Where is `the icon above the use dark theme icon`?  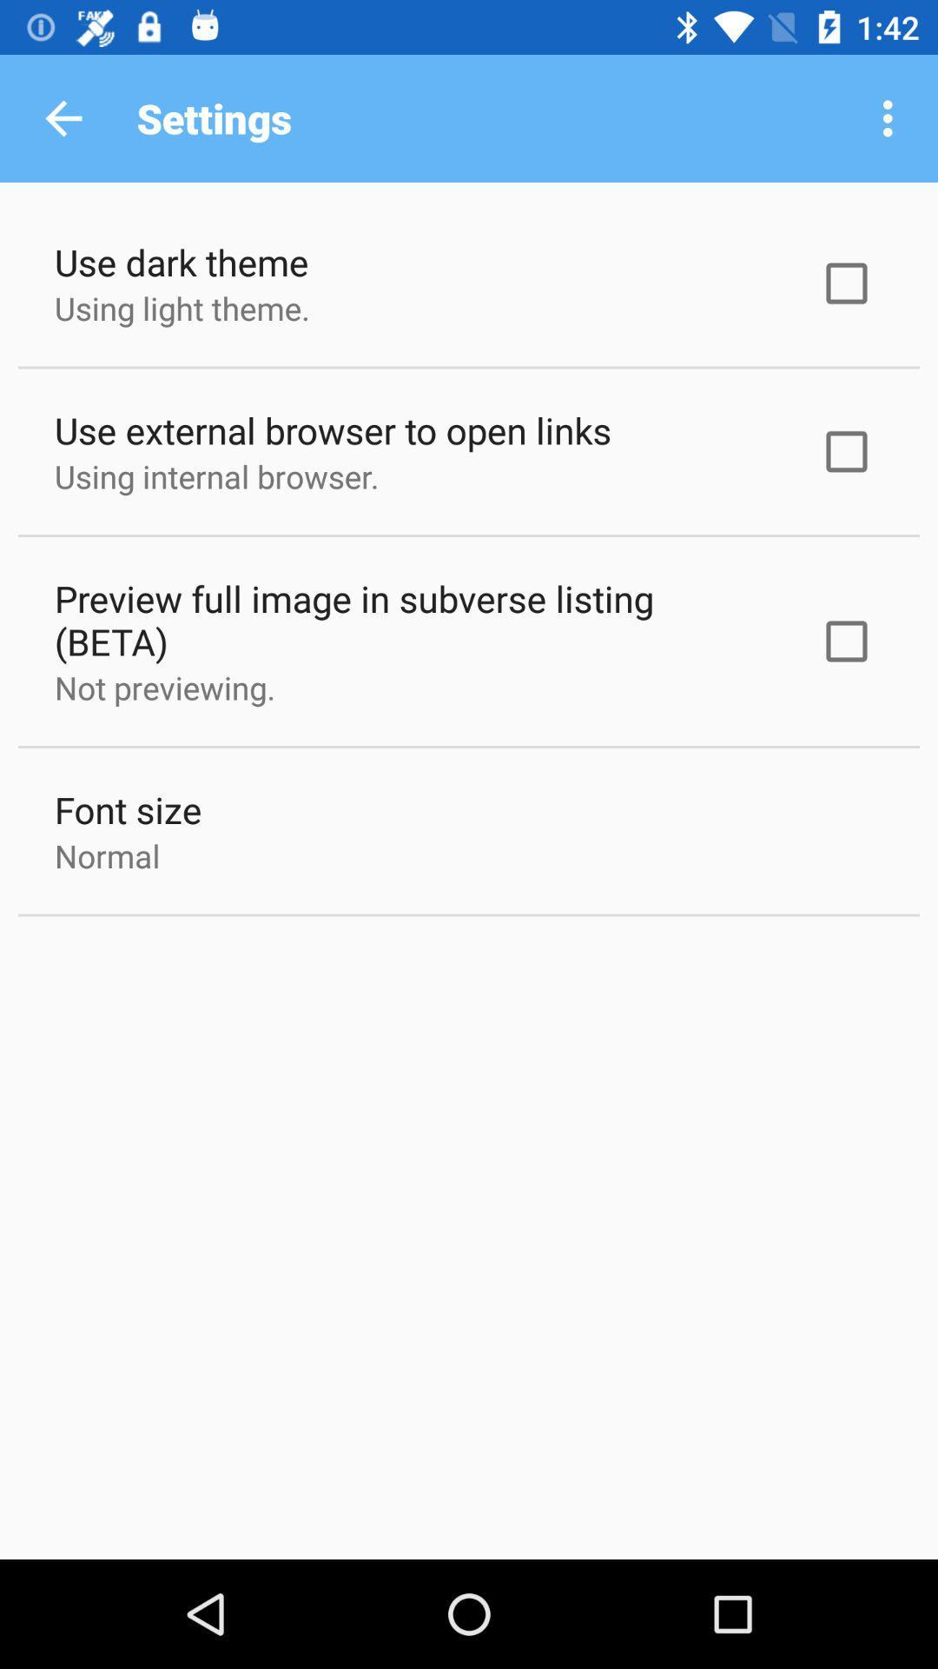 the icon above the use dark theme icon is located at coordinates (63, 117).